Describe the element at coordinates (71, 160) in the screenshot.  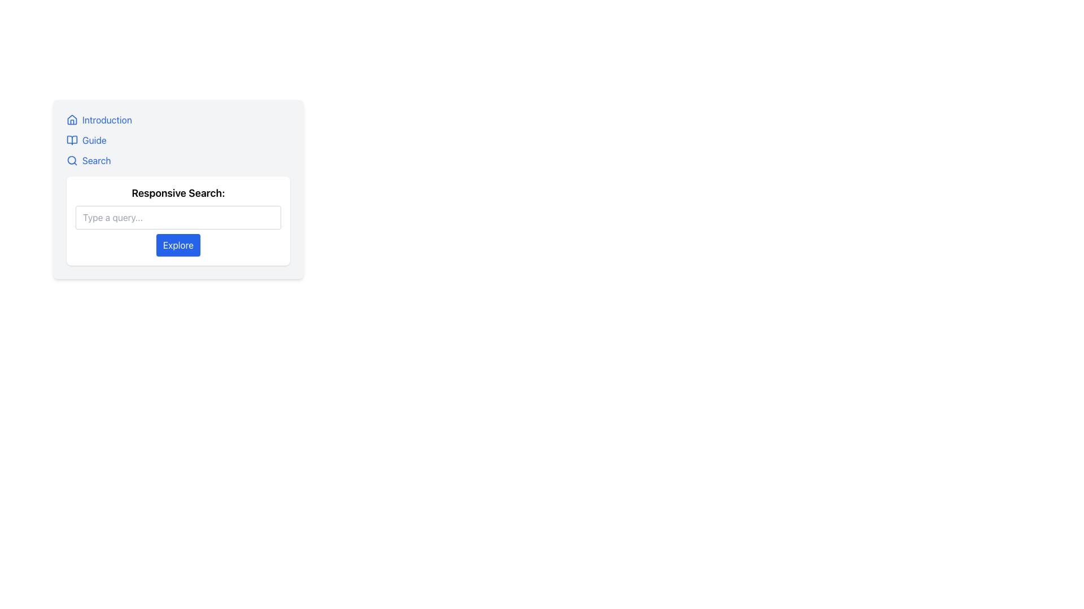
I see `properties of the inner convex lens of the magnifying glass icon, which serves as a graphical component indicating search functionality` at that location.